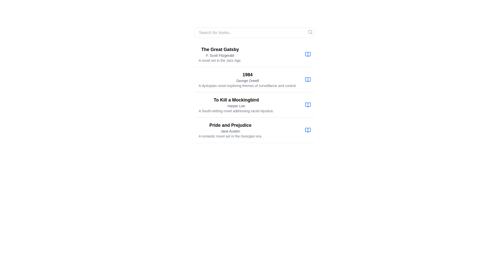  What do you see at coordinates (307, 79) in the screenshot?
I see `the icon to the right of the text '1984'` at bounding box center [307, 79].